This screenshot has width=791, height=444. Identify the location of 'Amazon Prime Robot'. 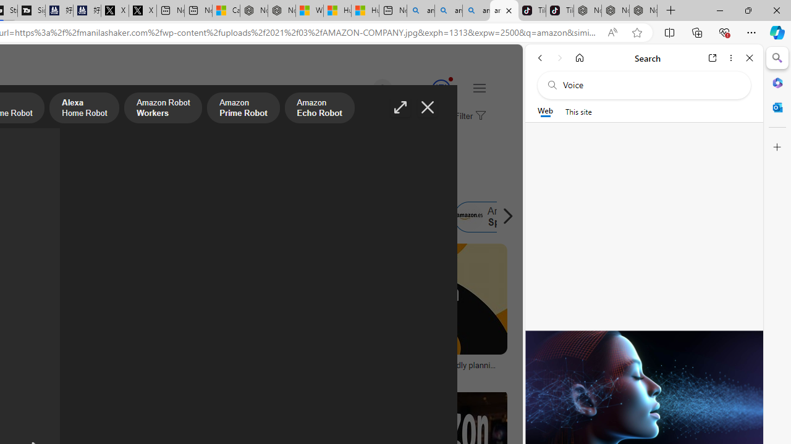
(243, 109).